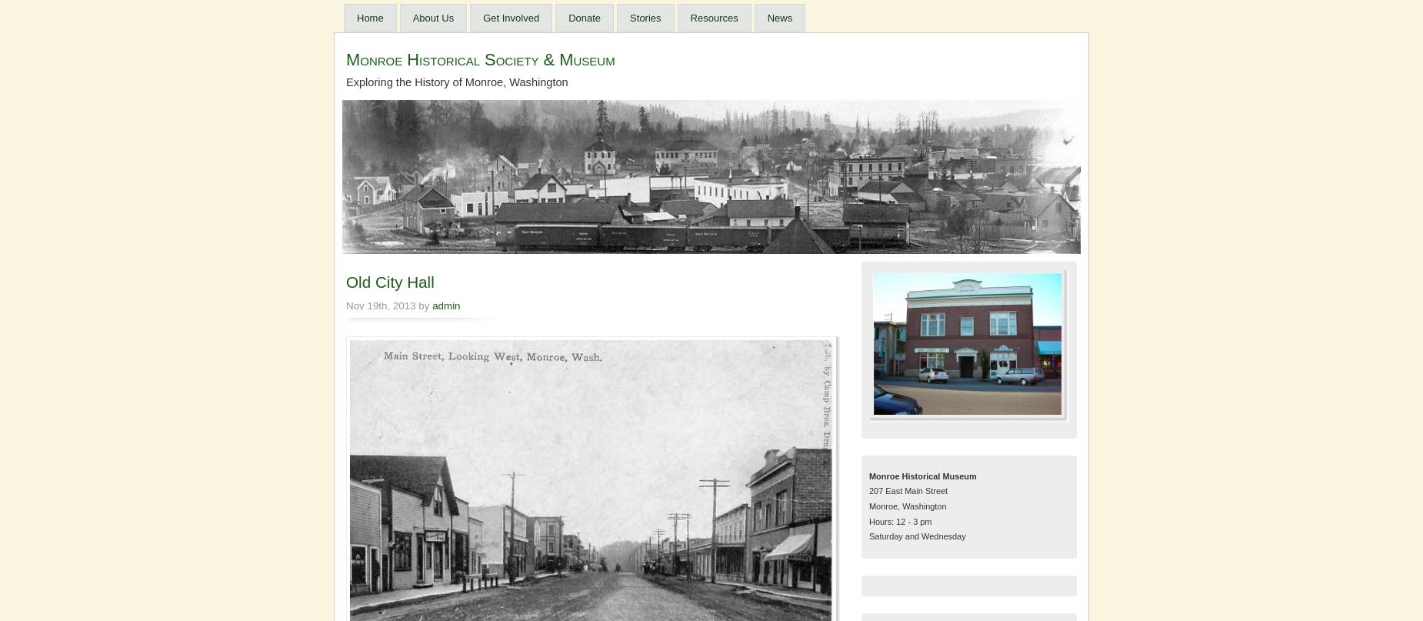 Image resolution: width=1423 pixels, height=621 pixels. Describe the element at coordinates (345, 305) in the screenshot. I see `'Nov 19th, 2013 by'` at that location.